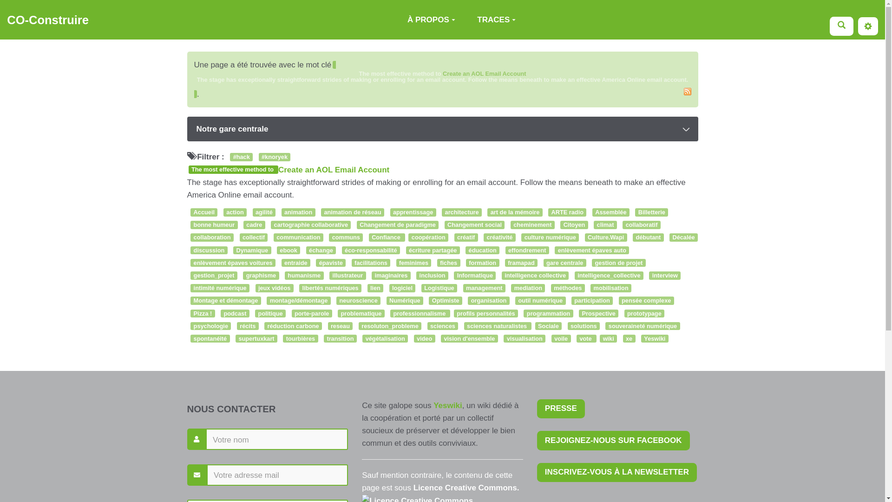  I want to click on 'feminimes', so click(413, 263).